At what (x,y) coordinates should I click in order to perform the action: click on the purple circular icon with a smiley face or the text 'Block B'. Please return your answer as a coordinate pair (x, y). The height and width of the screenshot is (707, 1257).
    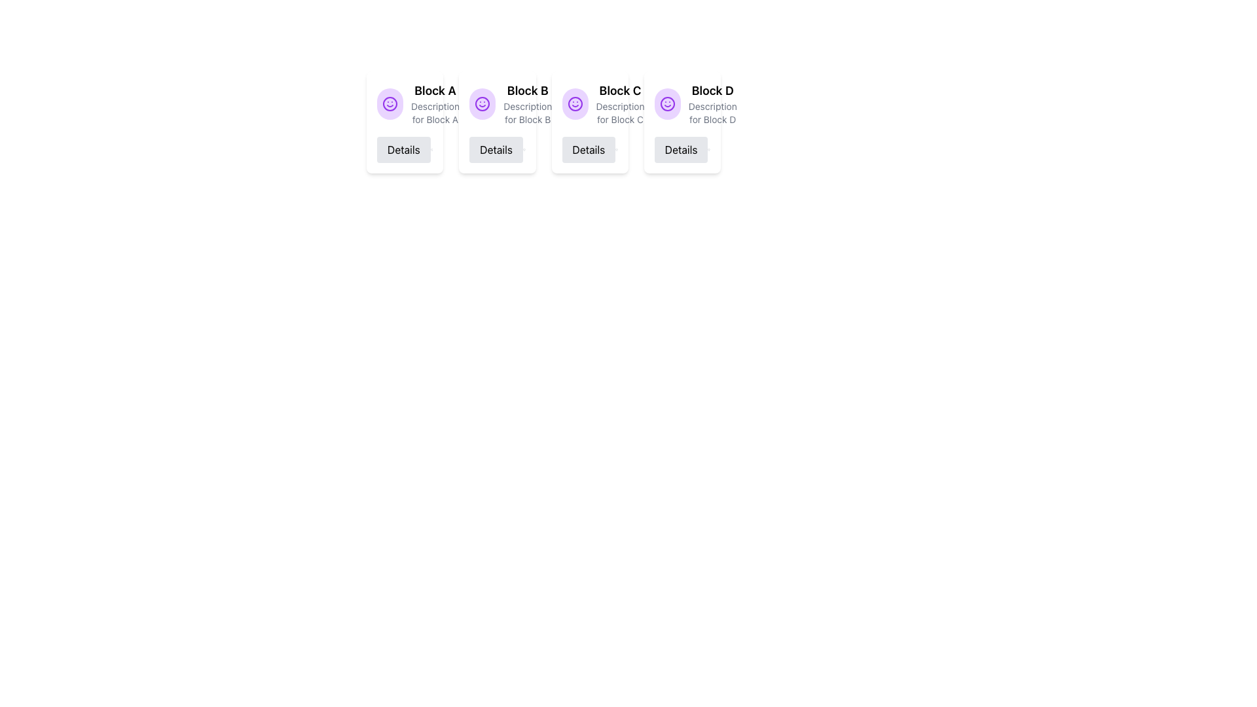
    Looking at the image, I should click on (496, 103).